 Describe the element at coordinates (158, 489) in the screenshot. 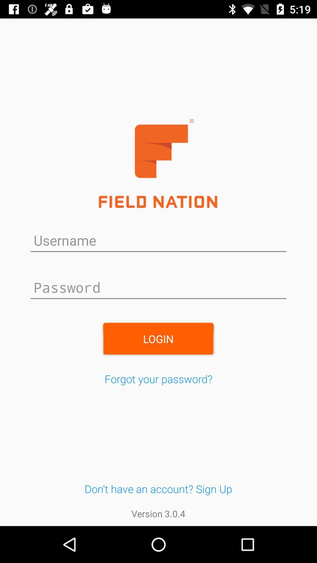

I see `the icon above the version 3 0 app` at that location.